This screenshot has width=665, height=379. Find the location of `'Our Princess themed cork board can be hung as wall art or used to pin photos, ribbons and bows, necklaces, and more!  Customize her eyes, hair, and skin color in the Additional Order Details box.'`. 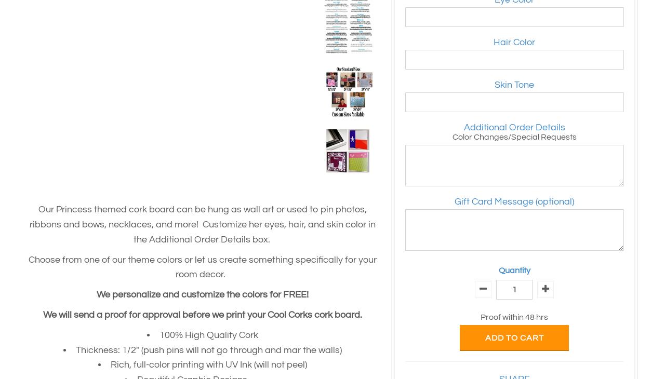

'Our Princess themed cork board can be hung as wall art or used to pin photos, ribbons and bows, necklaces, and more!  Customize her eyes, hair, and skin color in the Additional Order Details box.' is located at coordinates (203, 224).